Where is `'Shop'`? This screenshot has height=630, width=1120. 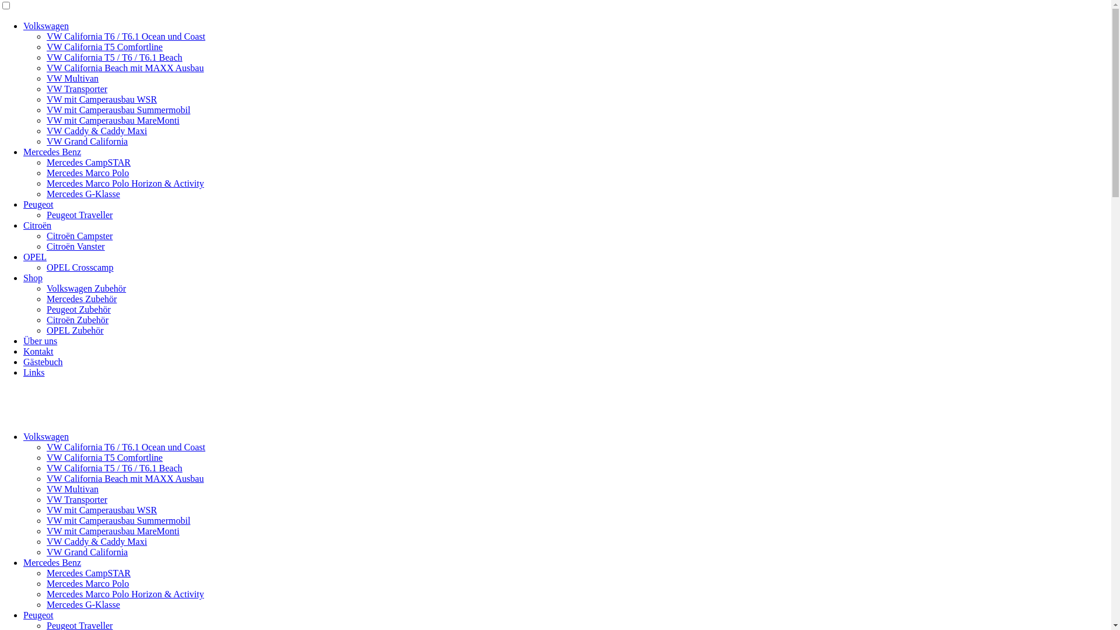
'Shop' is located at coordinates (33, 278).